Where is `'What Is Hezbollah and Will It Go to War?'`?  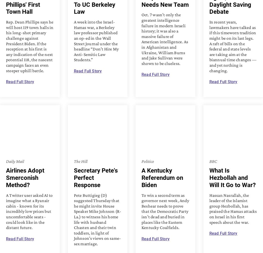
'What Is Hezbollah and Will It Go to War?' is located at coordinates (232, 178).